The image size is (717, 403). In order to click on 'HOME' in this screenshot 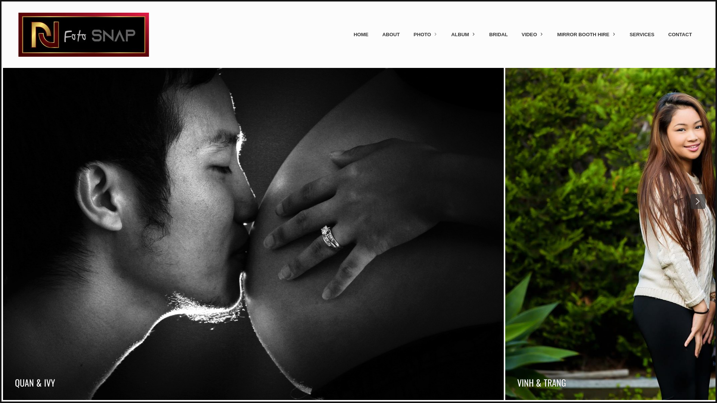, I will do `click(361, 34)`.